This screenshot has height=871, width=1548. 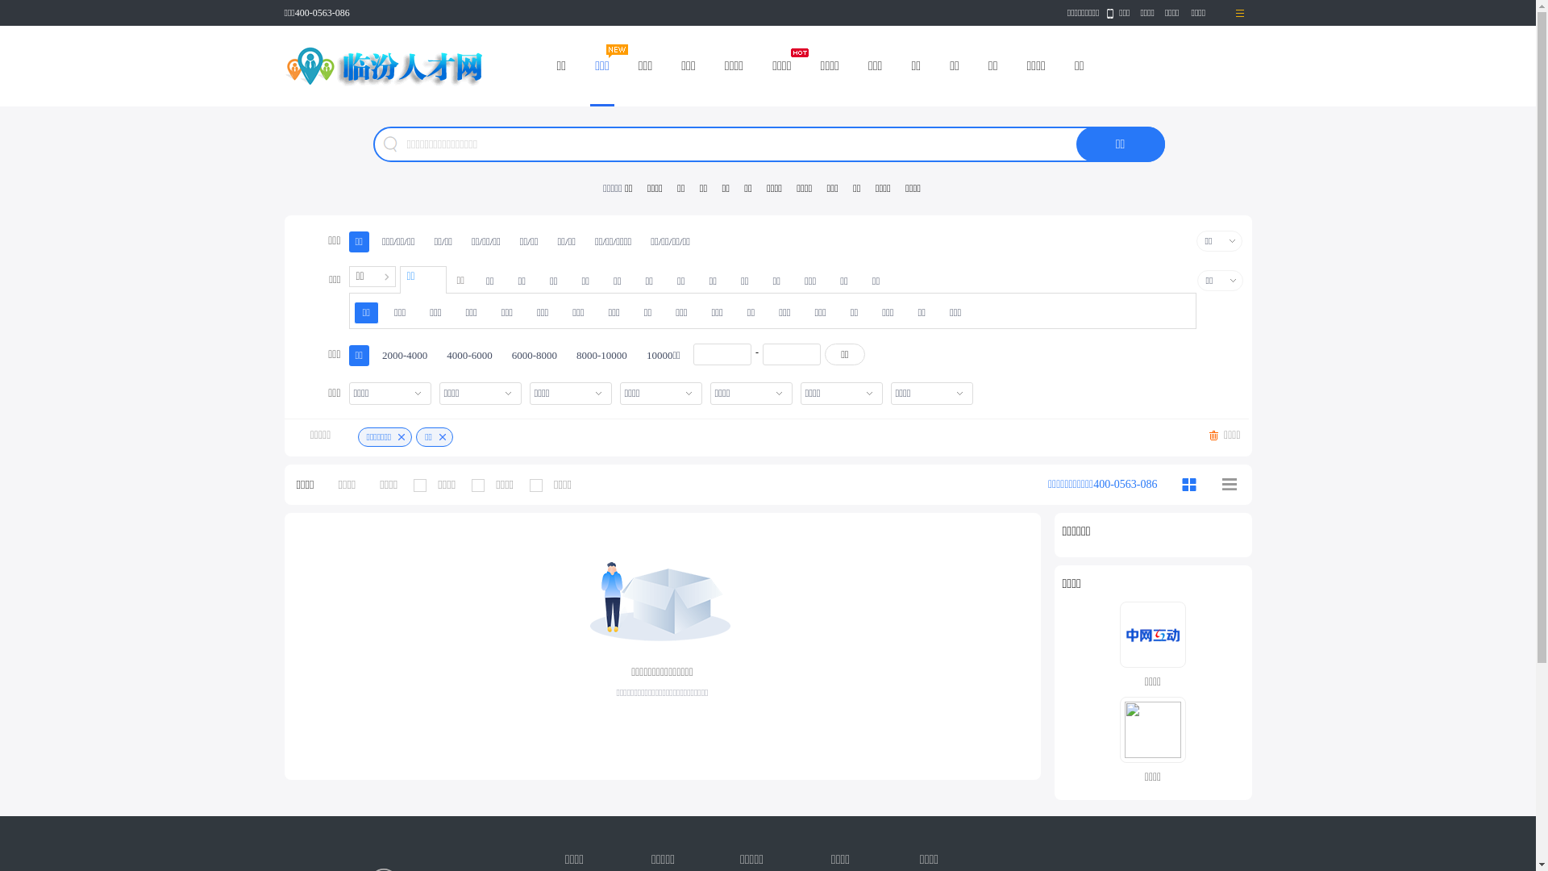 What do you see at coordinates (601, 354) in the screenshot?
I see `'8000-10000'` at bounding box center [601, 354].